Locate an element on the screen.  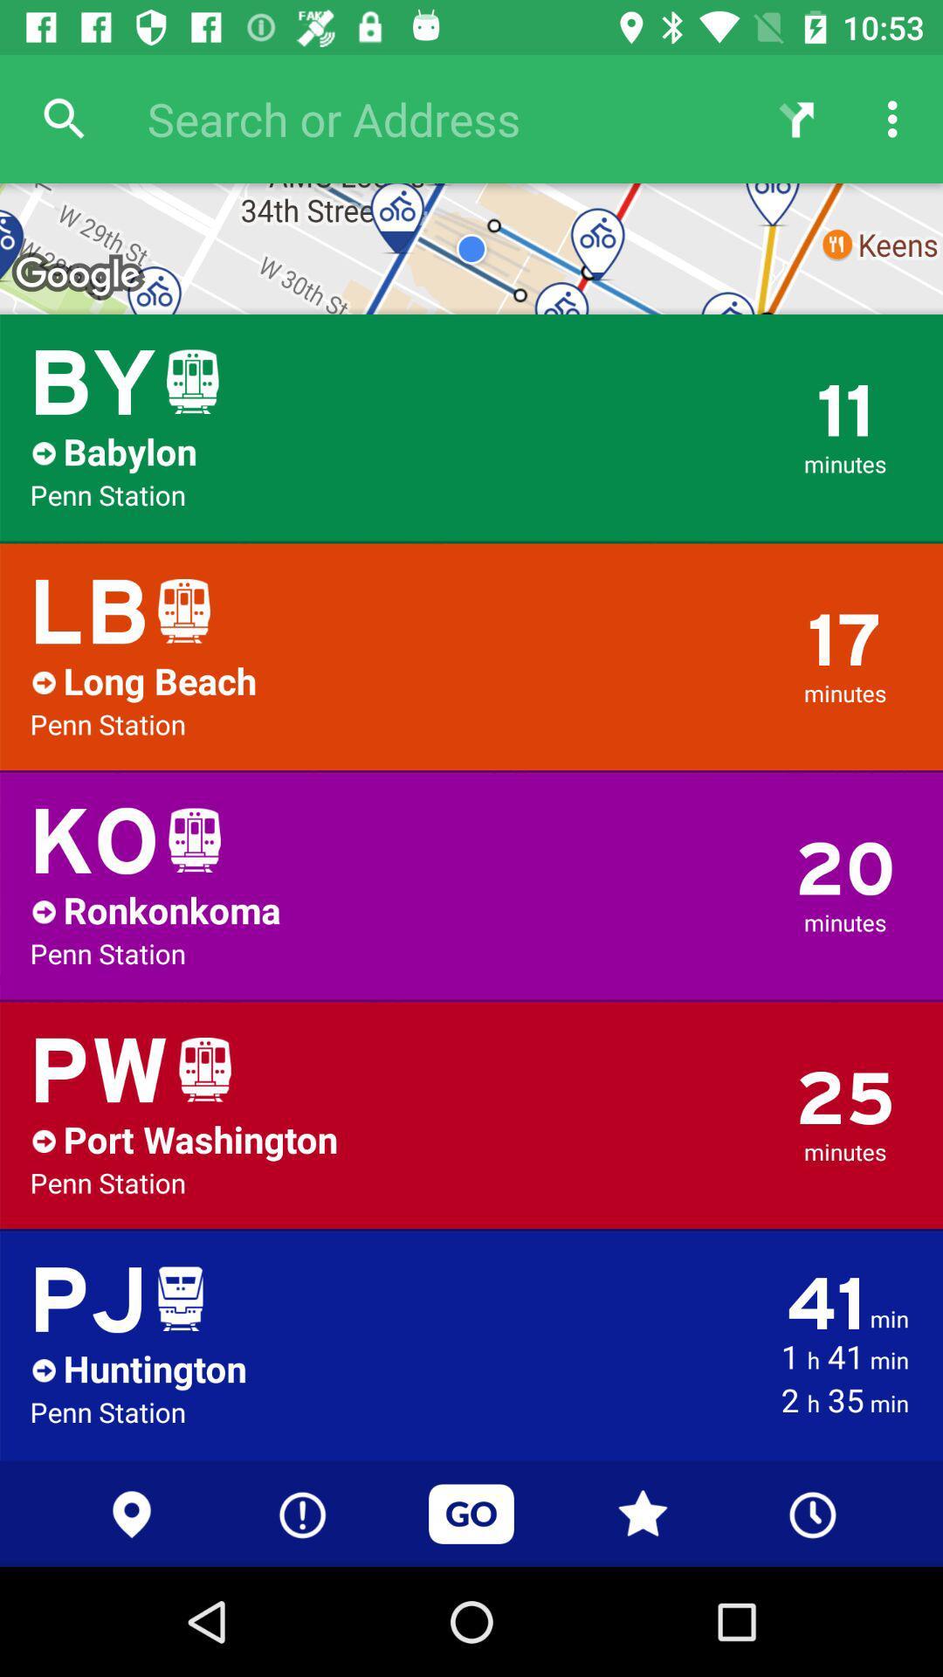
the photo icon is located at coordinates (859, 880).